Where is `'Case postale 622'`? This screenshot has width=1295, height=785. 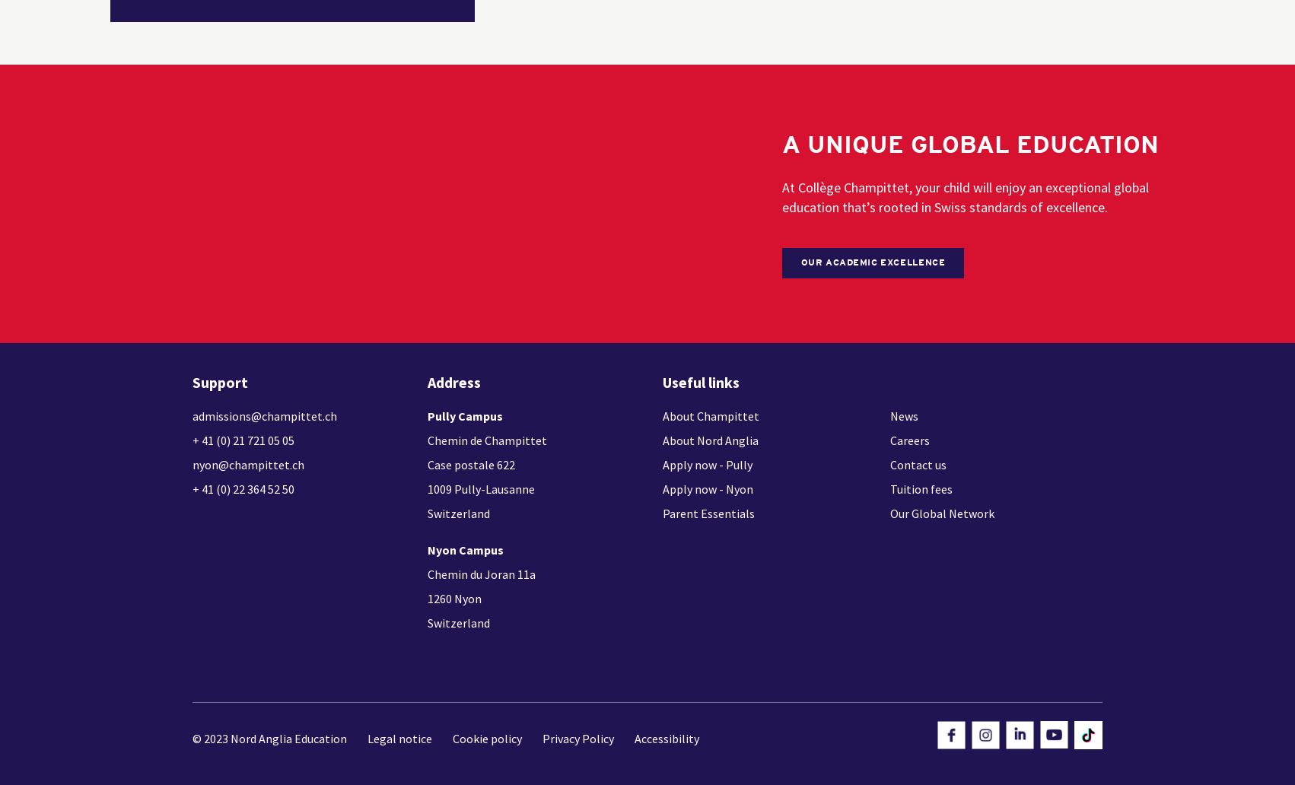 'Case postale 622' is located at coordinates (471, 465).